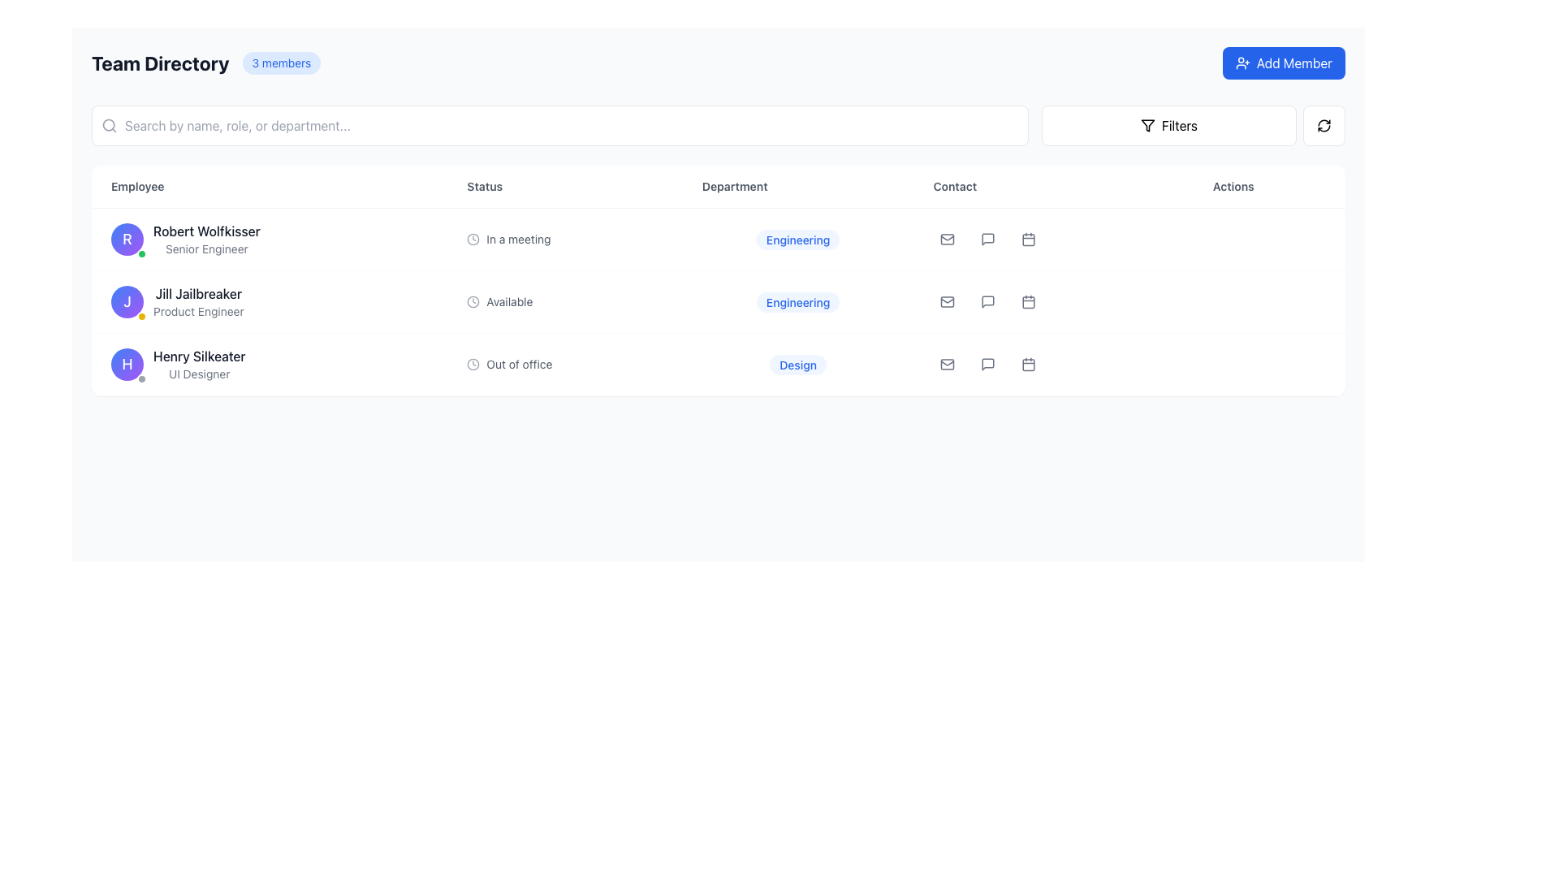  I want to click on the small circular clock icon with a hollow center located in the 'Status' column of the first row of the 'Team Directory' table, adjacent to the text 'In a meeting' for 'Robert Wolfkisser', so click(473, 239).